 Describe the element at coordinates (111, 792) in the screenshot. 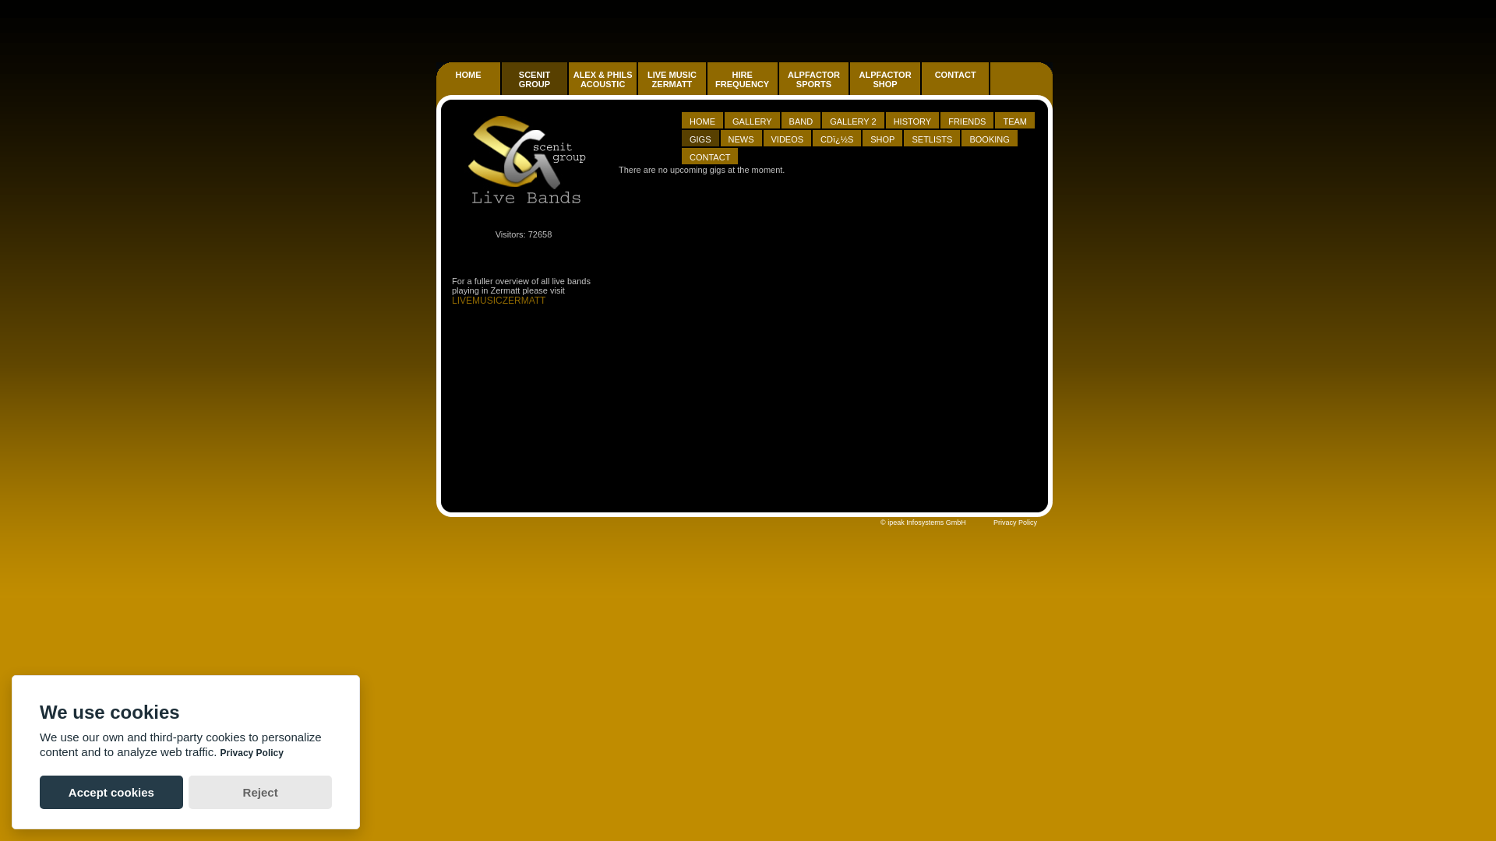

I see `'Accept cookies'` at that location.